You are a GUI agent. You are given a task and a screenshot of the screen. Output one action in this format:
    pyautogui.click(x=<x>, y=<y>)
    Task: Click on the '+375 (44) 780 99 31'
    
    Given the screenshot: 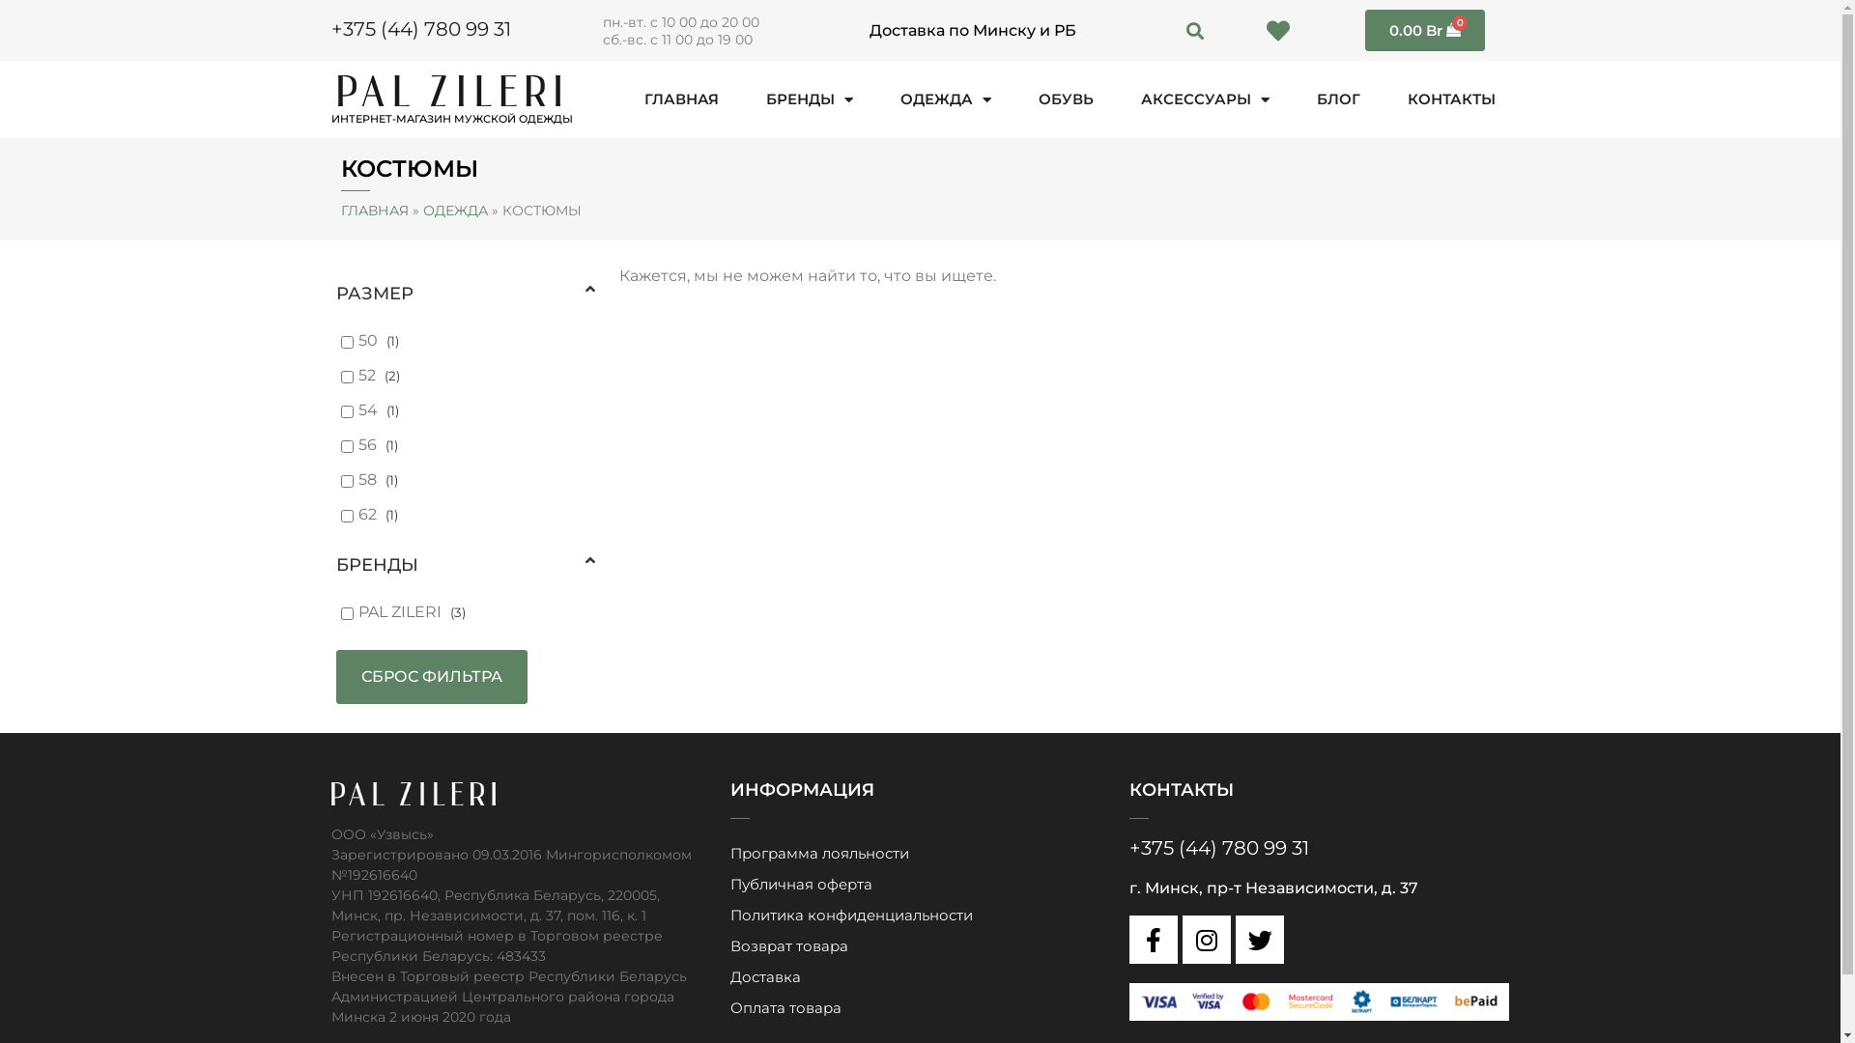 What is the action you would take?
    pyautogui.click(x=1218, y=847)
    